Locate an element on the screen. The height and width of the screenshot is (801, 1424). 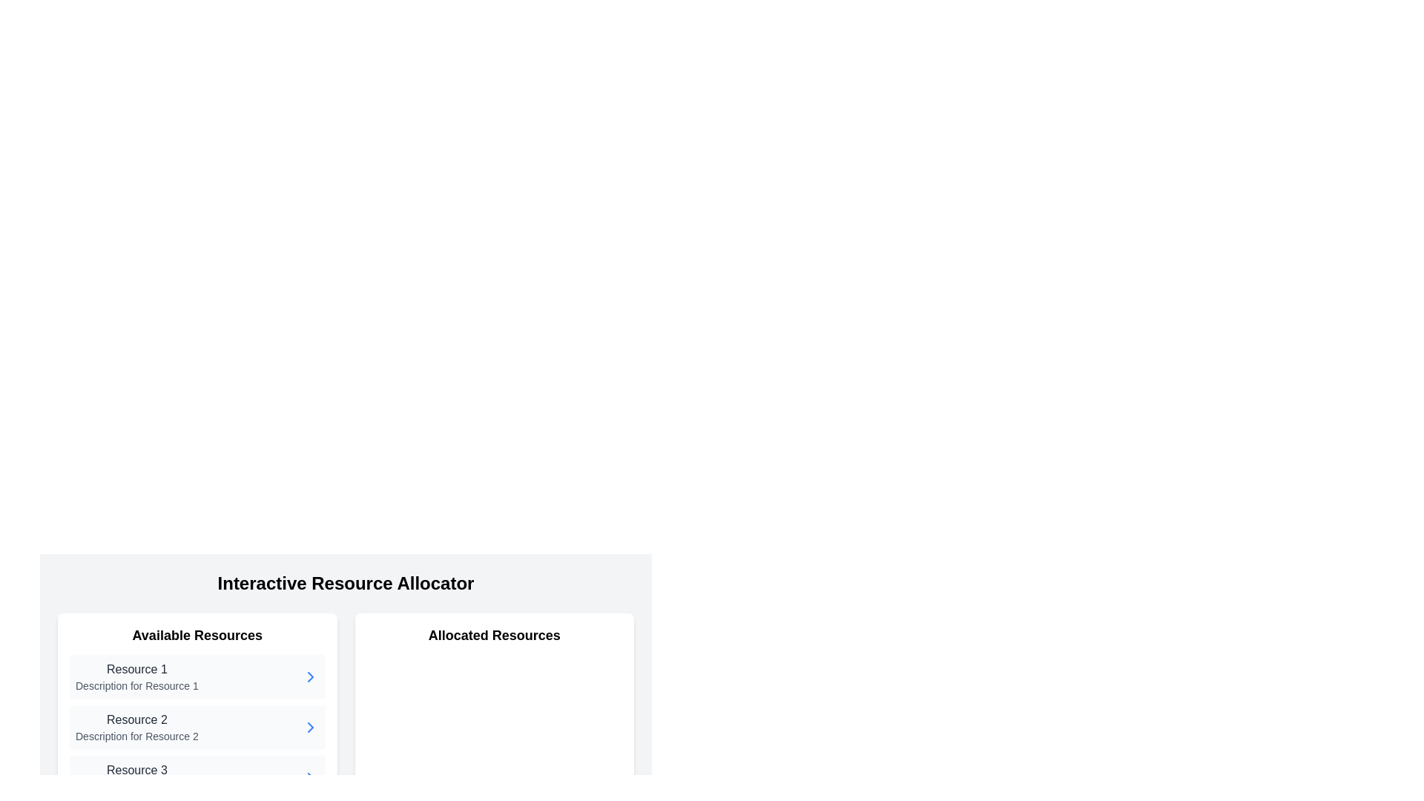
the informational text block for 'Resource 2' is located at coordinates (136, 726).